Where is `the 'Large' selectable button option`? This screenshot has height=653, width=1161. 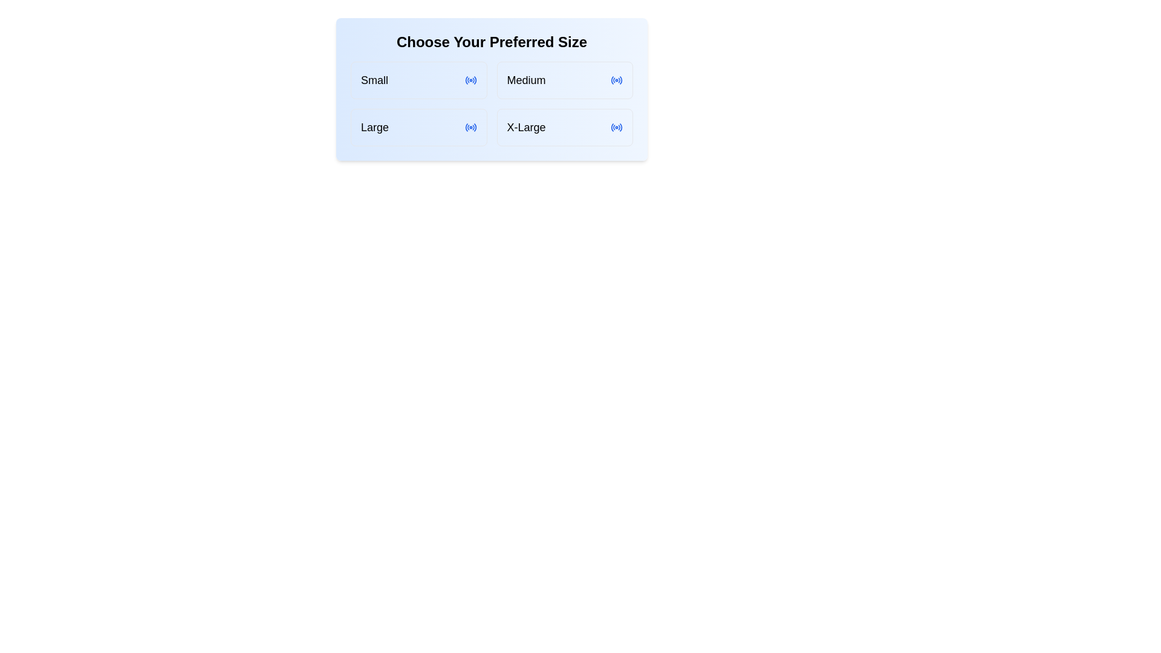
the 'Large' selectable button option is located at coordinates (418, 128).